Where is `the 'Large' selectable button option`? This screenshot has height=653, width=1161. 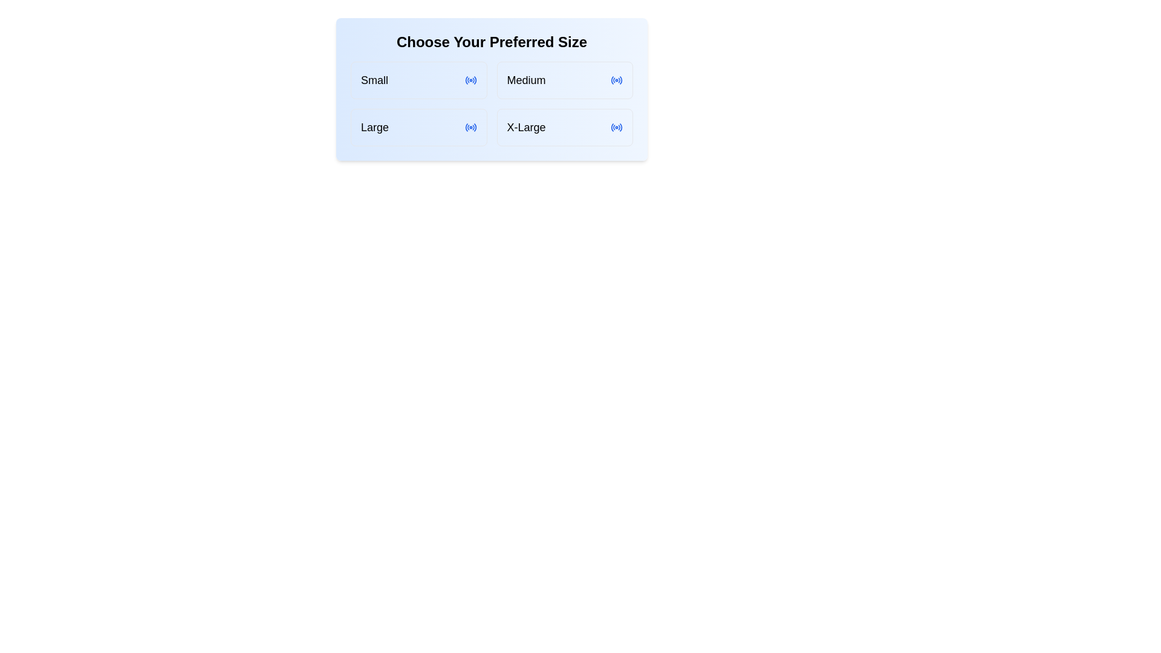
the 'Large' selectable button option is located at coordinates (418, 128).